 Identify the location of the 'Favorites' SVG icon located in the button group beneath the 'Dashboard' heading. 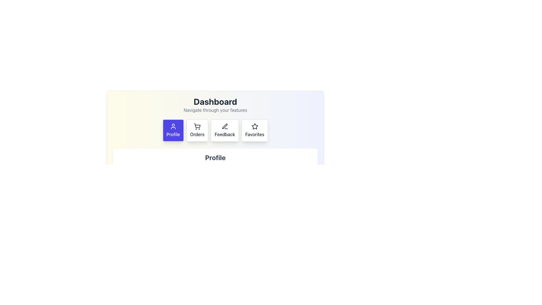
(254, 126).